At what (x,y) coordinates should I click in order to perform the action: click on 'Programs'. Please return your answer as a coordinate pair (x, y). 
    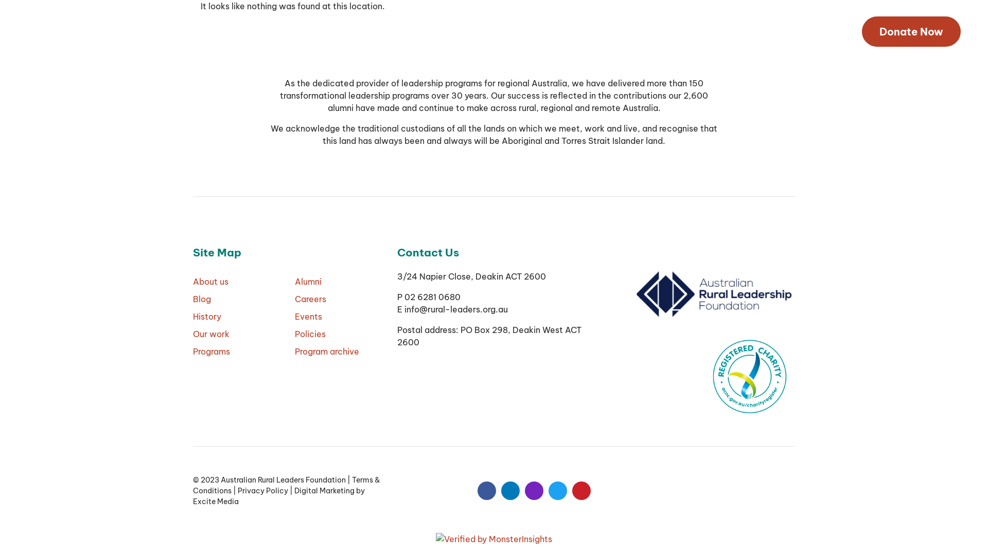
    Looking at the image, I should click on (238, 350).